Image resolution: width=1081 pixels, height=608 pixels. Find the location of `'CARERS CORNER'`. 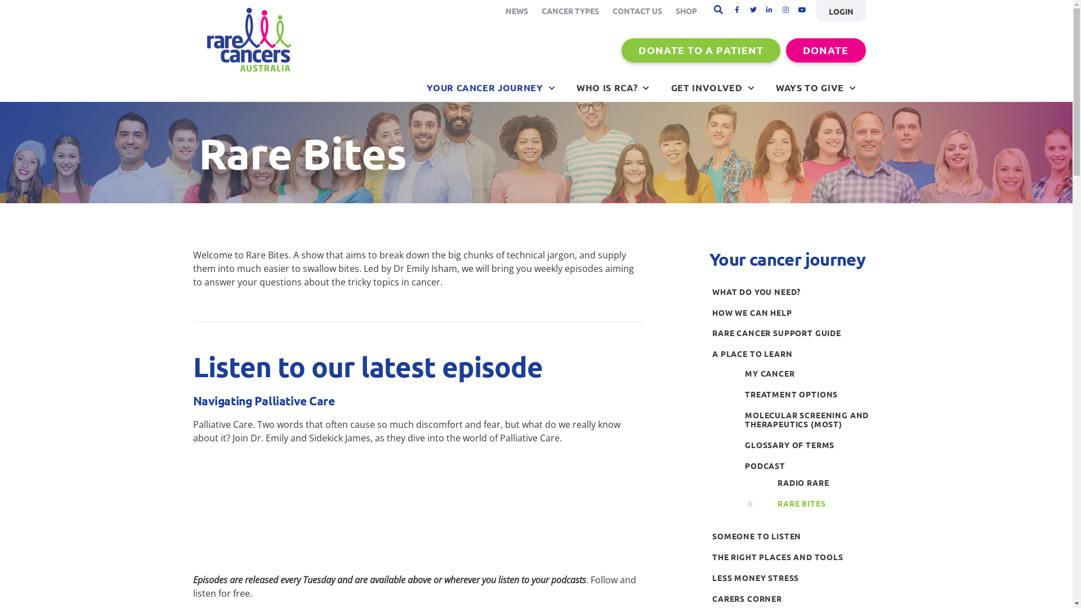

'CARERS CORNER' is located at coordinates (708, 598).